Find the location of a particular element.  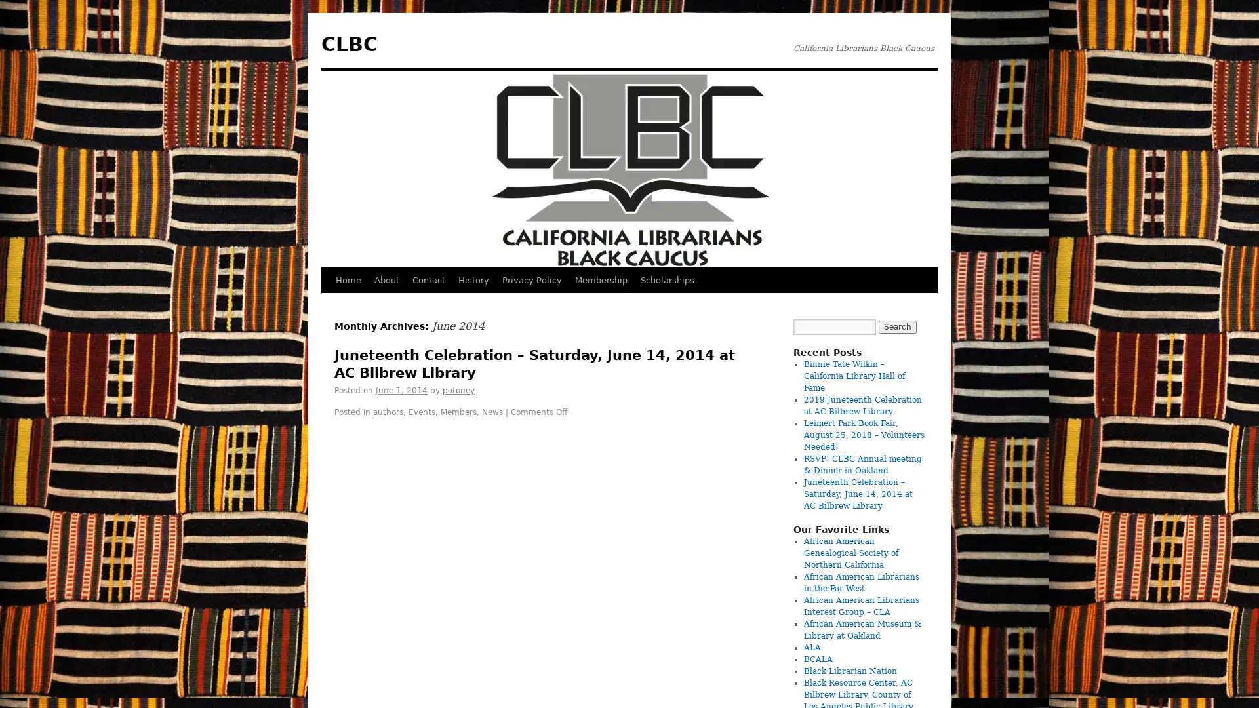

Search is located at coordinates (896, 326).